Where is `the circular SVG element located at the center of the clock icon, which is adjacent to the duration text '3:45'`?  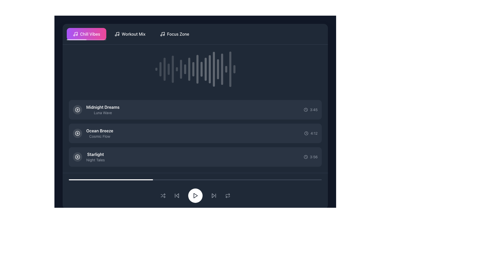
the circular SVG element located at the center of the clock icon, which is adjacent to the duration text '3:45' is located at coordinates (306, 110).